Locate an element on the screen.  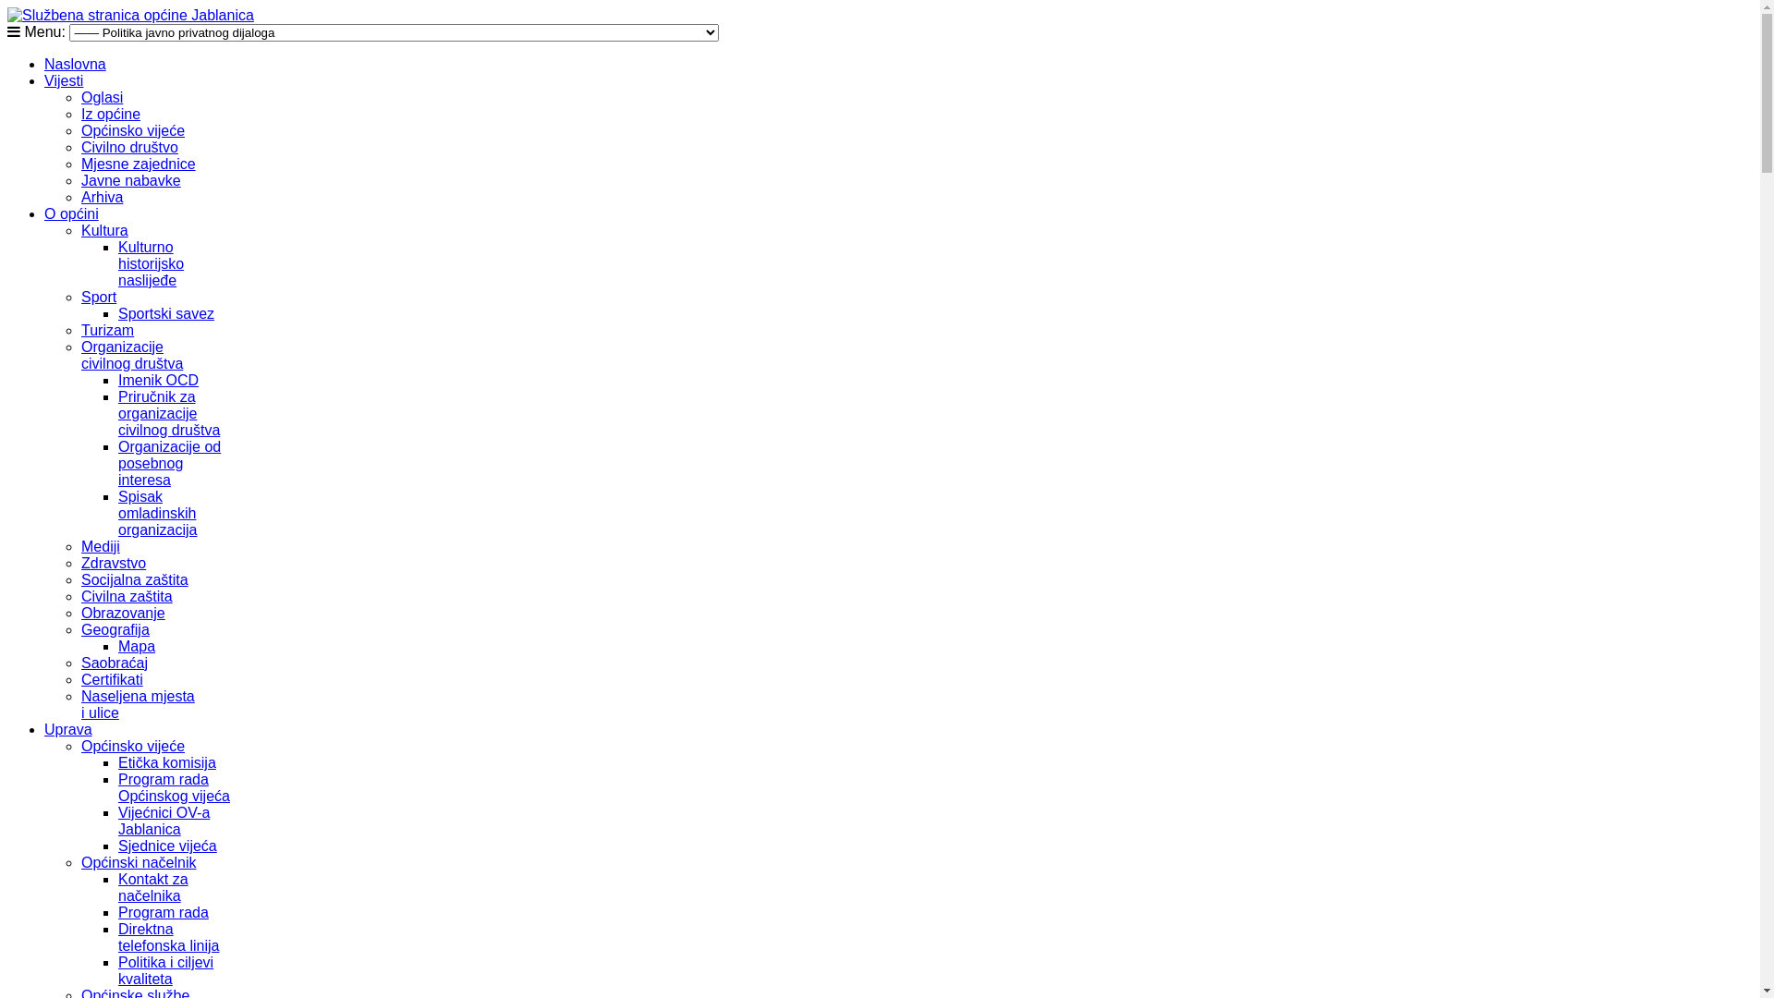
'Mjesne zajednice' is located at coordinates (137, 163).